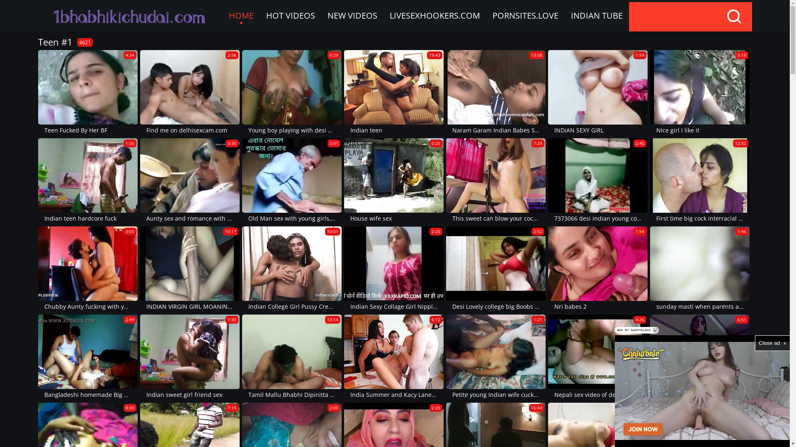 Image resolution: width=796 pixels, height=447 pixels. What do you see at coordinates (597, 93) in the screenshot?
I see `'1:59` at bounding box center [597, 93].